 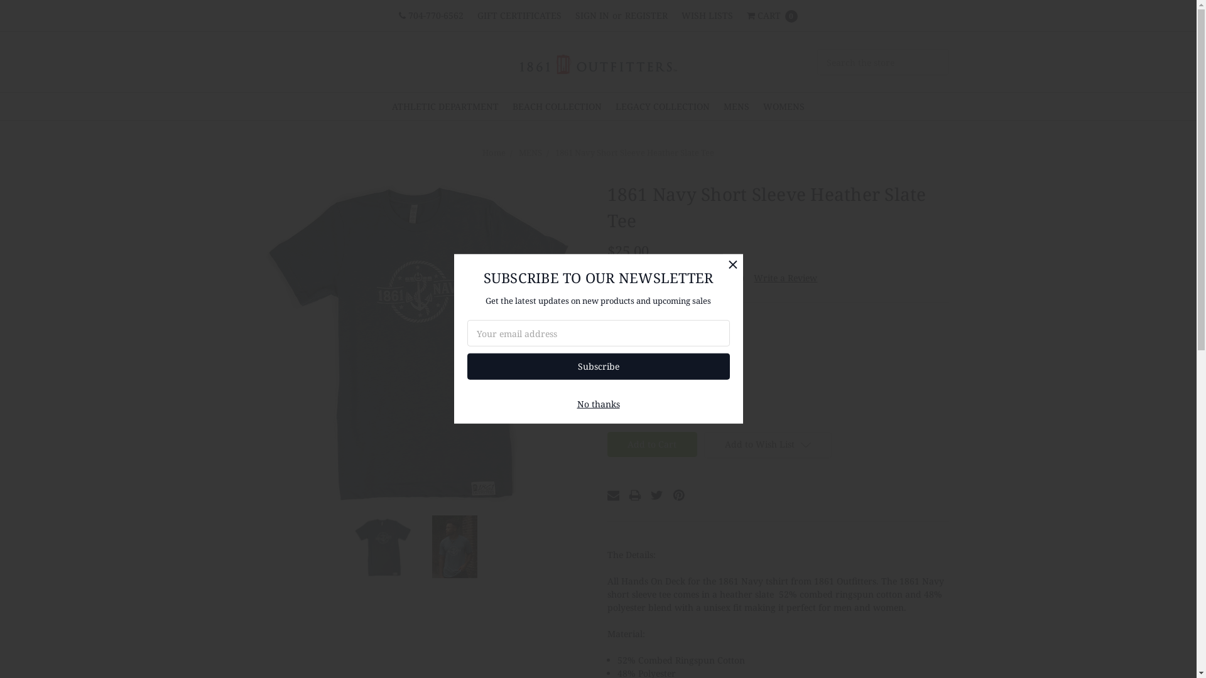 What do you see at coordinates (654, 411) in the screenshot?
I see `'Increase Quantity:'` at bounding box center [654, 411].